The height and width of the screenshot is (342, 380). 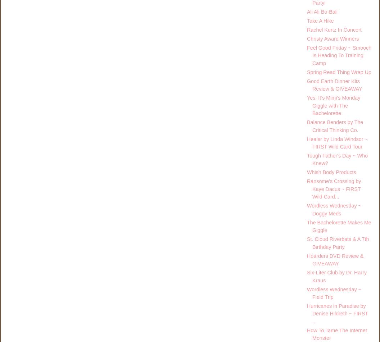 I want to click on 'Whish Body Products', so click(x=331, y=172).